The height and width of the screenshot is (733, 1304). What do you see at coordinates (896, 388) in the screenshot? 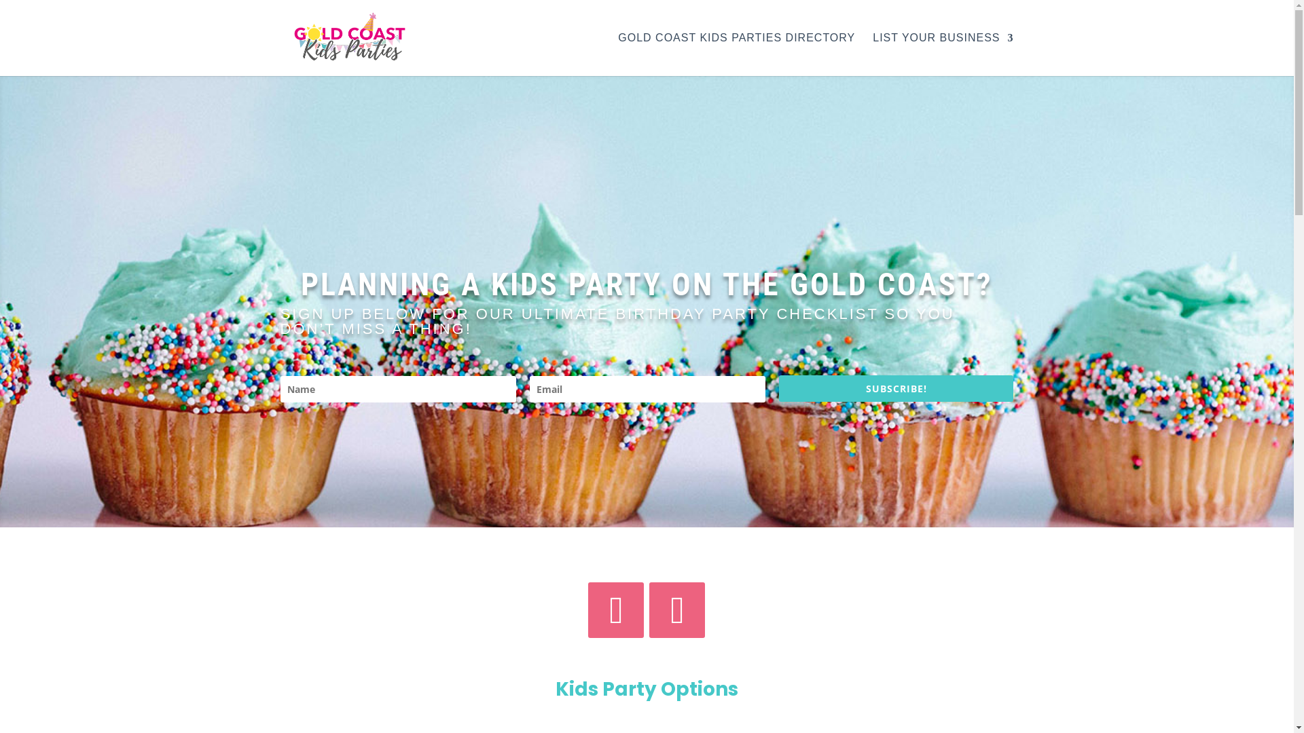
I see `'SUBSCRIBE!'` at bounding box center [896, 388].